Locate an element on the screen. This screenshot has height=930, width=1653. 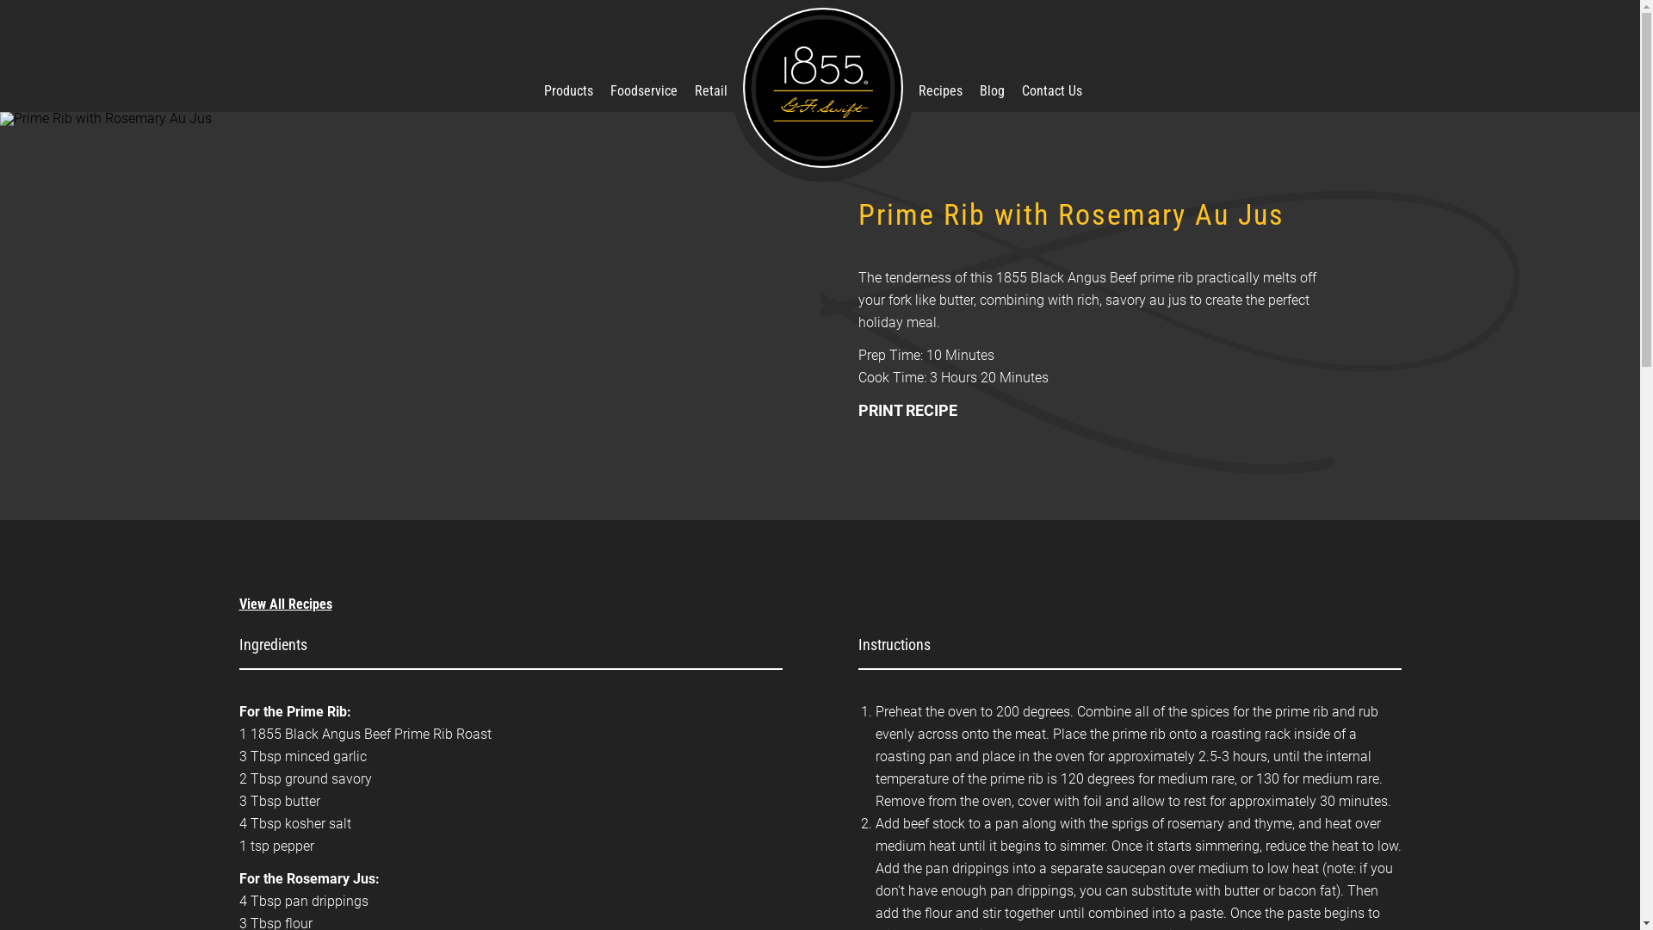
'Recipes' is located at coordinates (916, 90).